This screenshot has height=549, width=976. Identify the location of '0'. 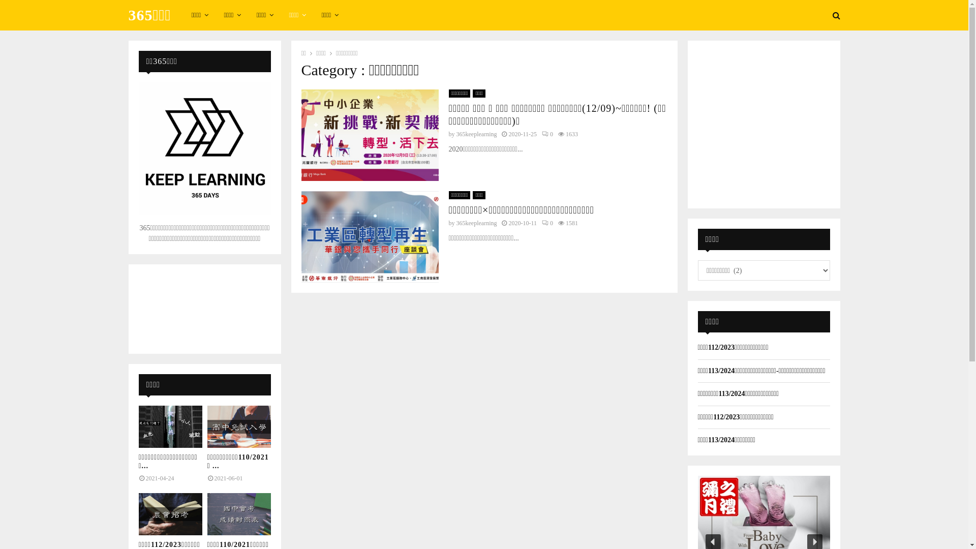
(546, 223).